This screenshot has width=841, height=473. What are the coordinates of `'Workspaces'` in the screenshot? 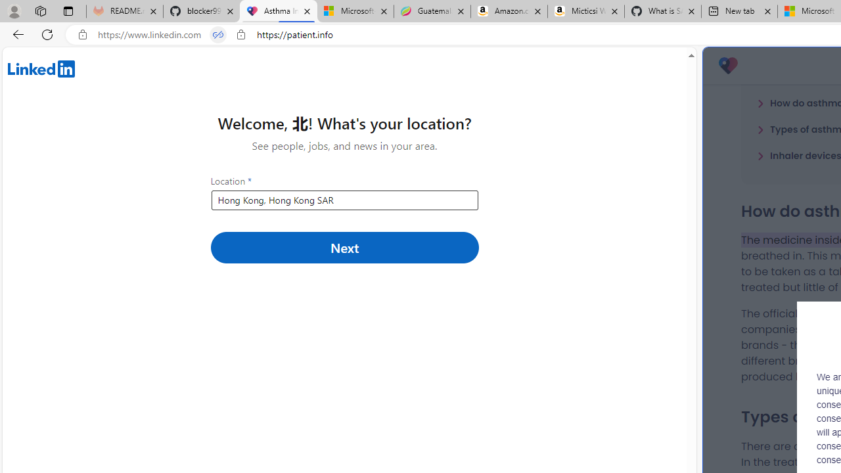 It's located at (40, 11).